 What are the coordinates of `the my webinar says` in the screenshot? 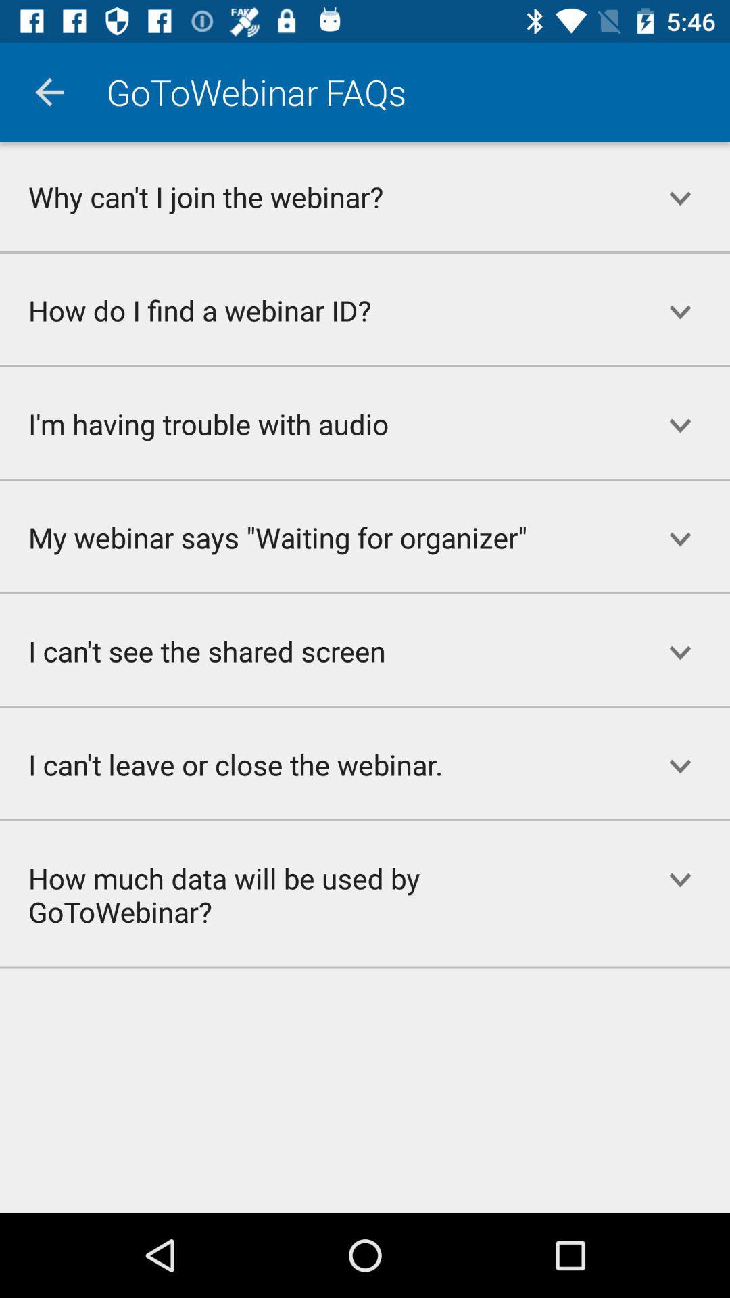 It's located at (315, 537).